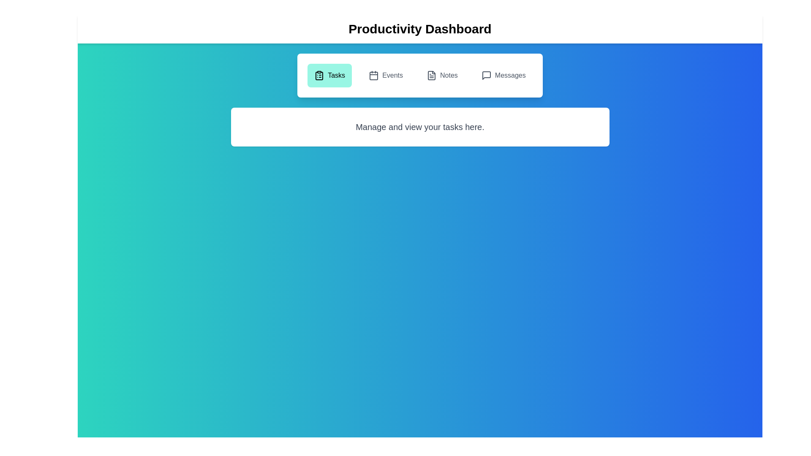  What do you see at coordinates (420, 29) in the screenshot?
I see `the header title to select it` at bounding box center [420, 29].